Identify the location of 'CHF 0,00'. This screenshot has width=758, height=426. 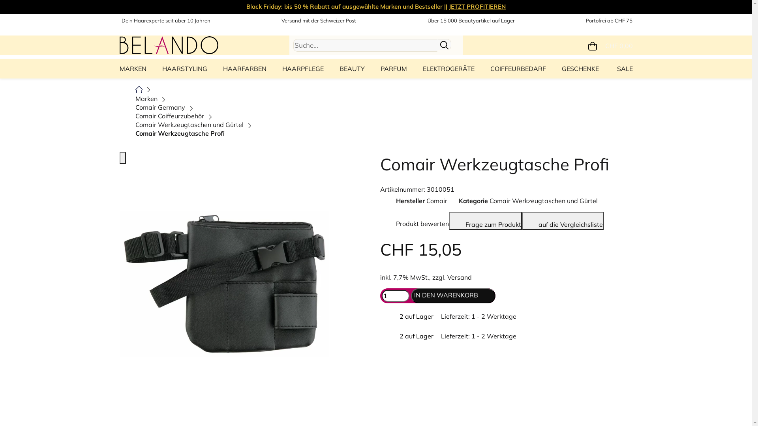
(610, 45).